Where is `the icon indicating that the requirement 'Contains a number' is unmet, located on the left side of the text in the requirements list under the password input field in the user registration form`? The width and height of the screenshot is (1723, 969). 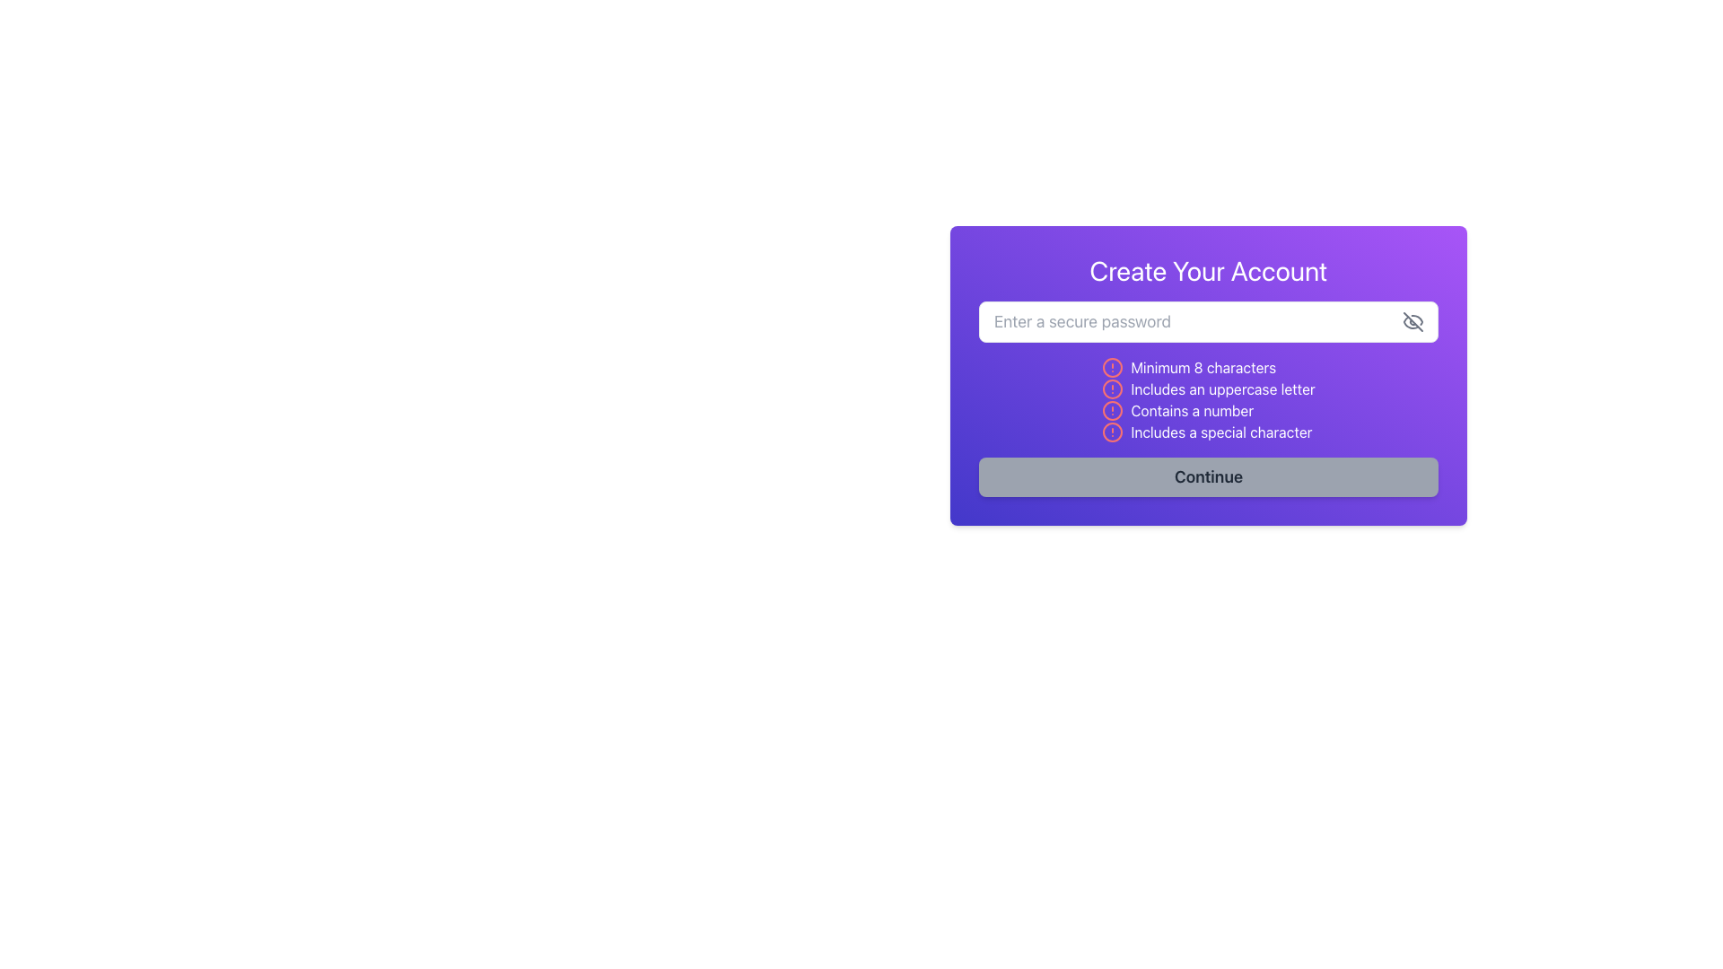 the icon indicating that the requirement 'Contains a number' is unmet, located on the left side of the text in the requirements list under the password input field in the user registration form is located at coordinates (1112, 411).